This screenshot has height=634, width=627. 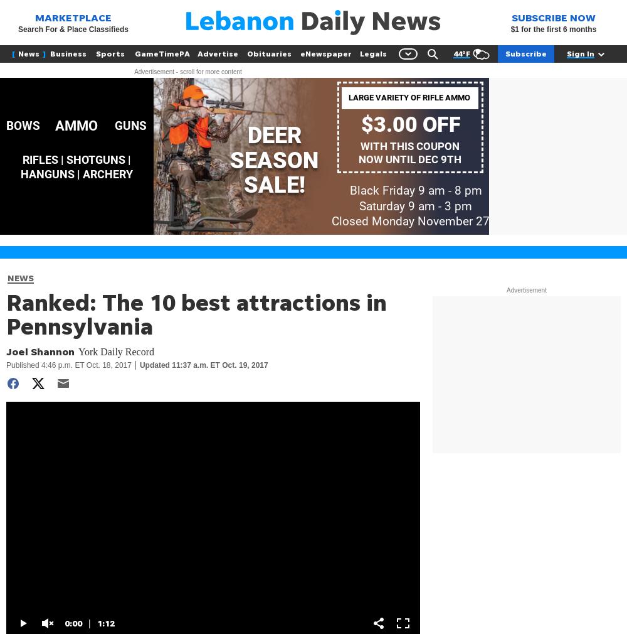 What do you see at coordinates (326, 53) in the screenshot?
I see `'eNewspaper'` at bounding box center [326, 53].